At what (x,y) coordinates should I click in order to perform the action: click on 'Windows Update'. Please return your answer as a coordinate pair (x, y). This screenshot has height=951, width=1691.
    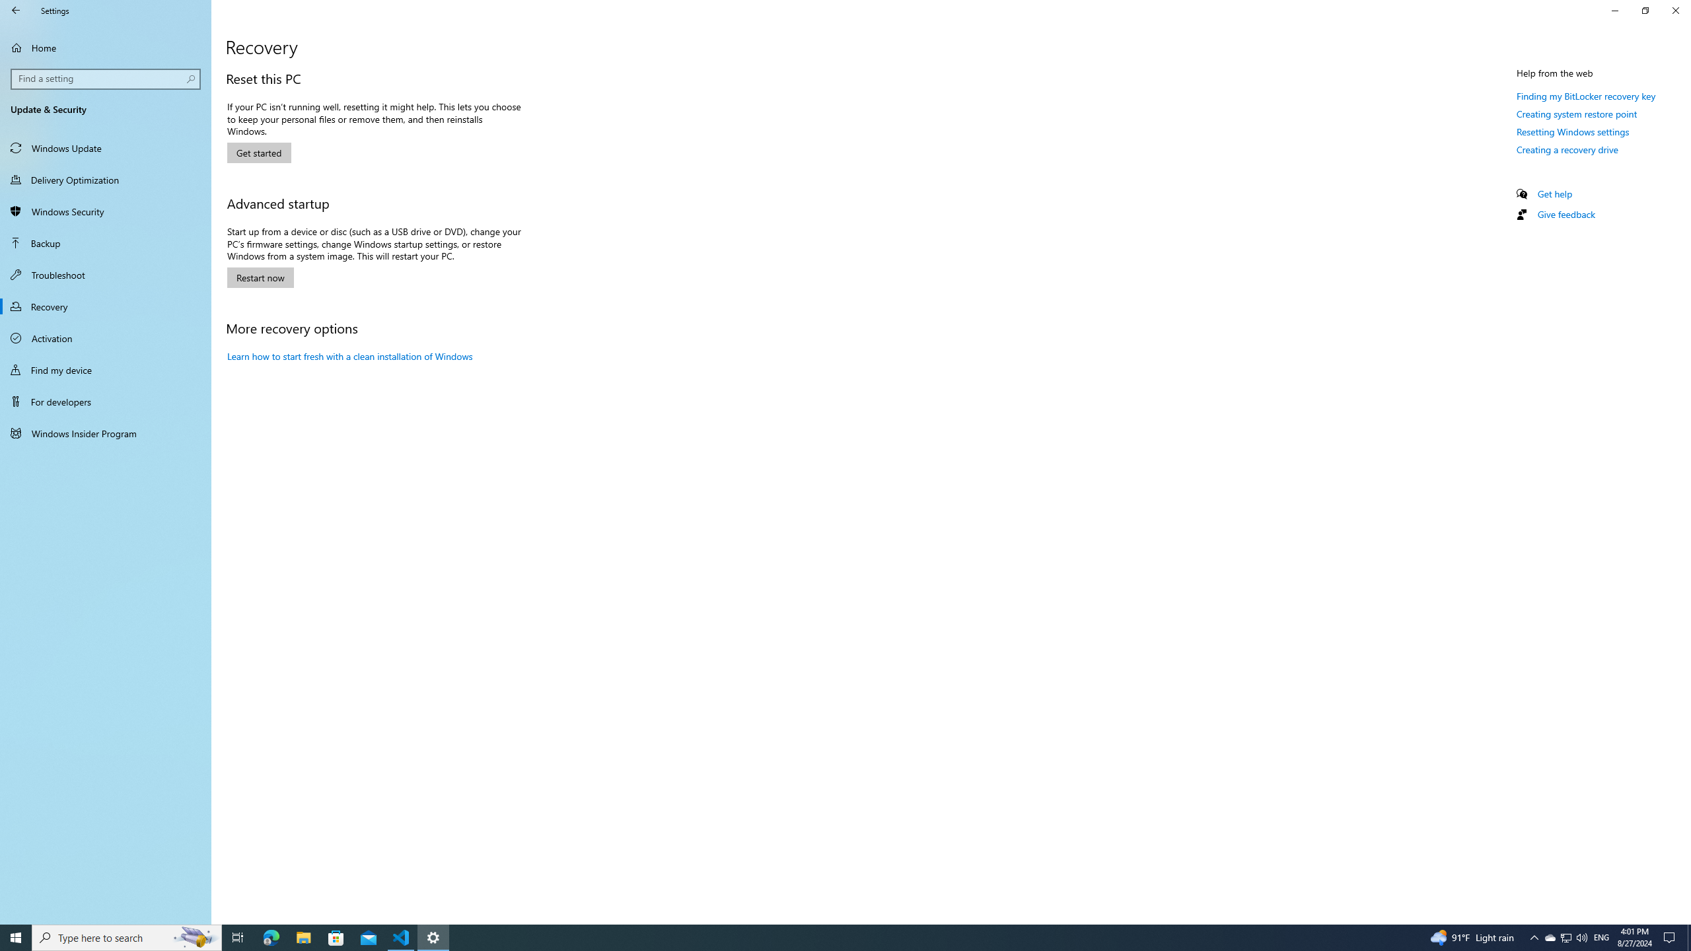
    Looking at the image, I should click on (105, 147).